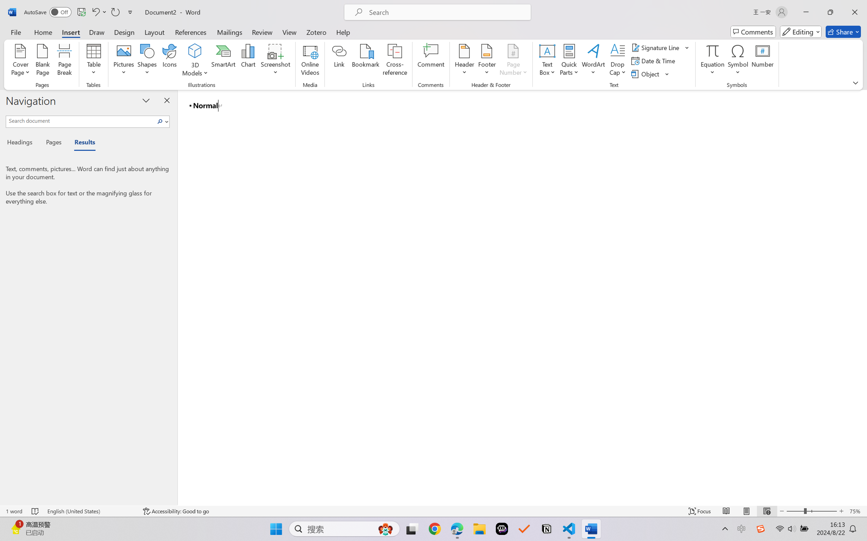 This screenshot has height=541, width=867. I want to click on 'Comment', so click(431, 61).